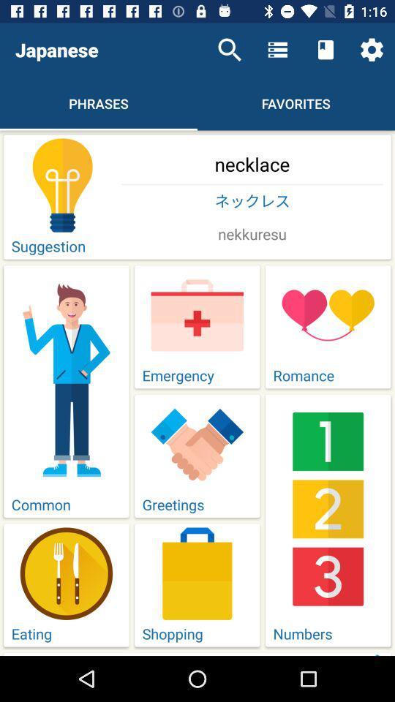 The height and width of the screenshot is (702, 395). Describe the element at coordinates (197, 456) in the screenshot. I see `greetings` at that location.